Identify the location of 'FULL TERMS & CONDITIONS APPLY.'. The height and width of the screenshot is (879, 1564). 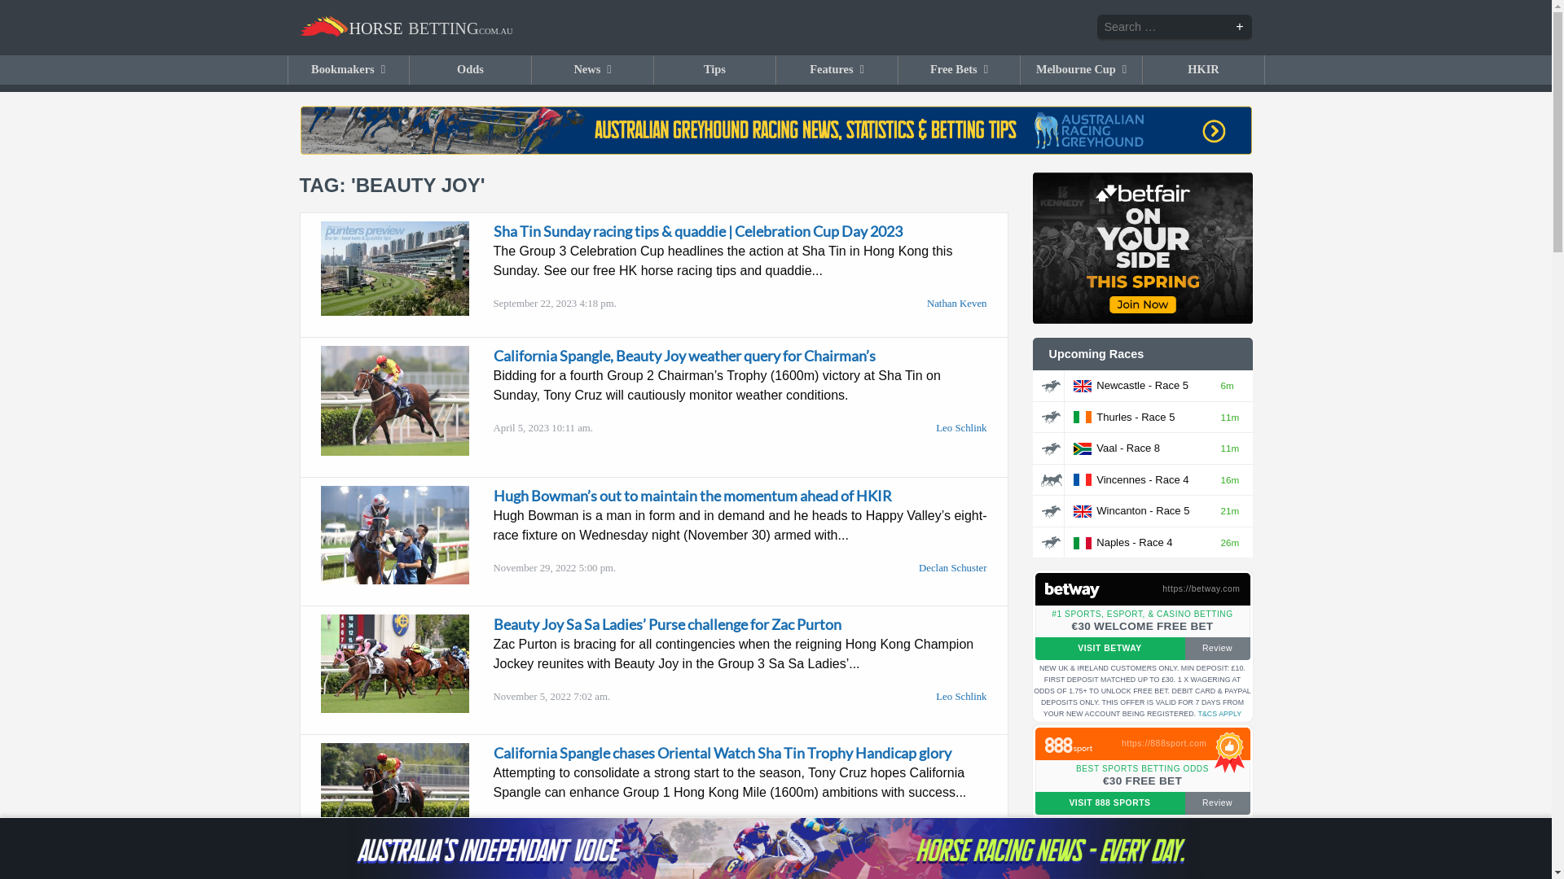
(1120, 705).